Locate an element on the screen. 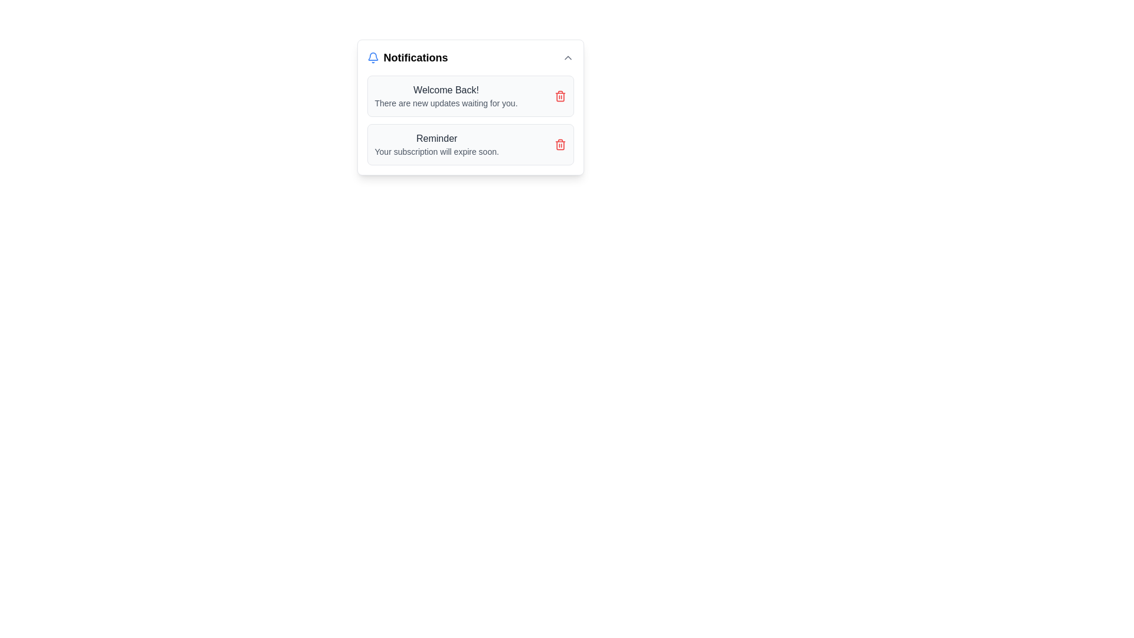 The height and width of the screenshot is (638, 1134). displayed text of the Text Label that serves as a section header for the notifications, located at the top of the notification panel is located at coordinates (416, 57).